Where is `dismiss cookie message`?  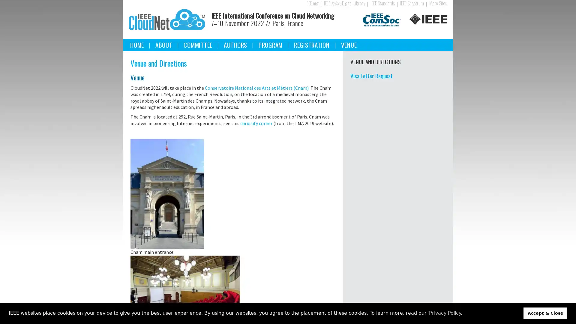
dismiss cookie message is located at coordinates (545, 313).